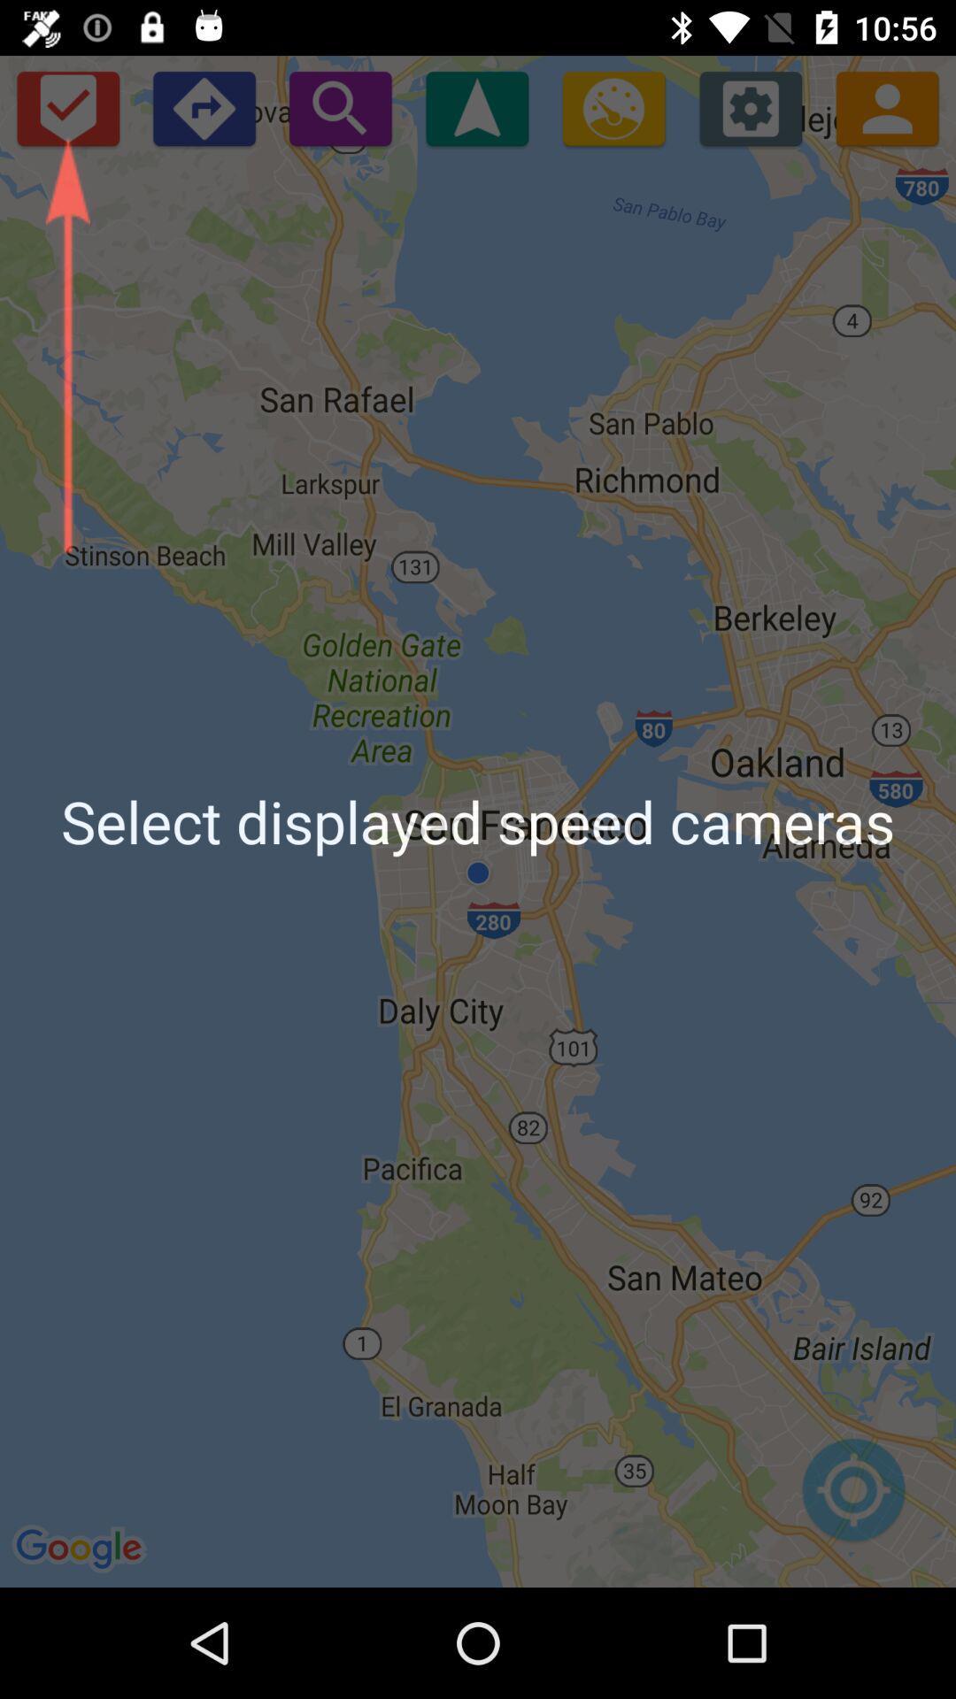 The image size is (956, 1699). I want to click on icon above select displayed speed, so click(476, 107).